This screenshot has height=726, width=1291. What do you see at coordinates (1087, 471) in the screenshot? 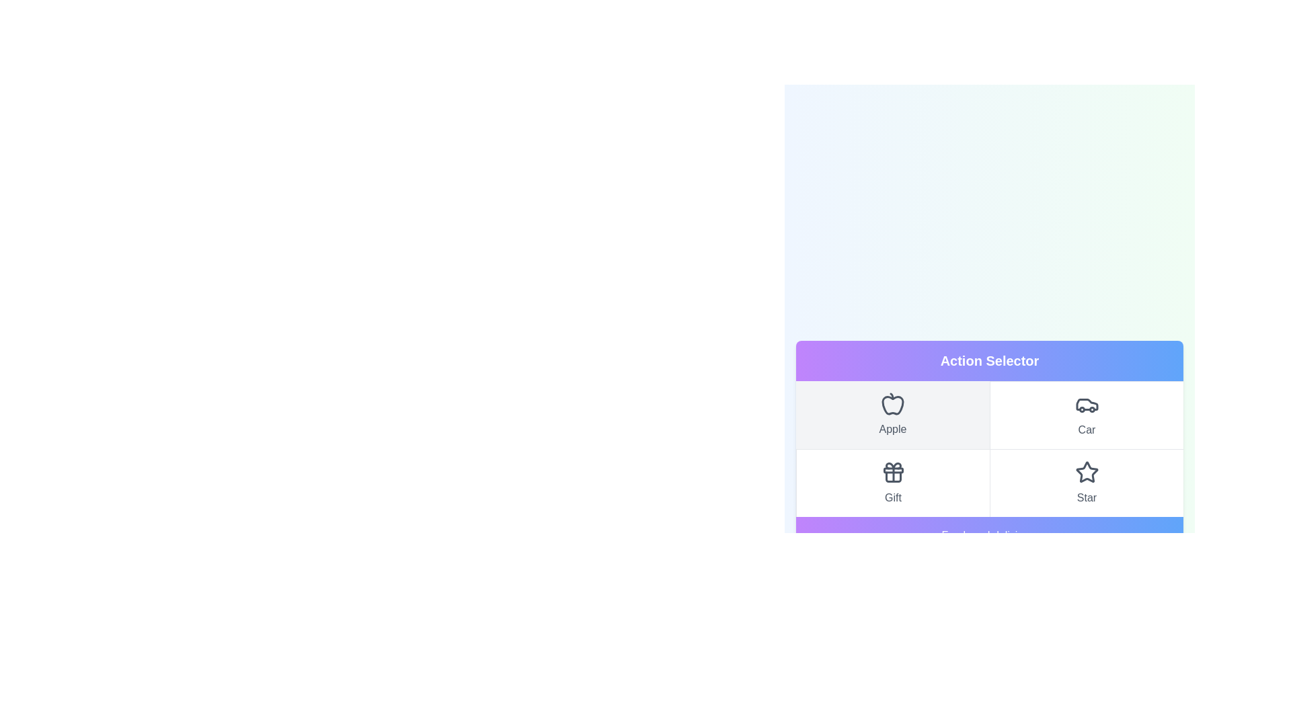
I see `the star-shaped icon with a hollow interior located above the text label 'Star' in the 'Action Selector' grid layout` at bounding box center [1087, 471].